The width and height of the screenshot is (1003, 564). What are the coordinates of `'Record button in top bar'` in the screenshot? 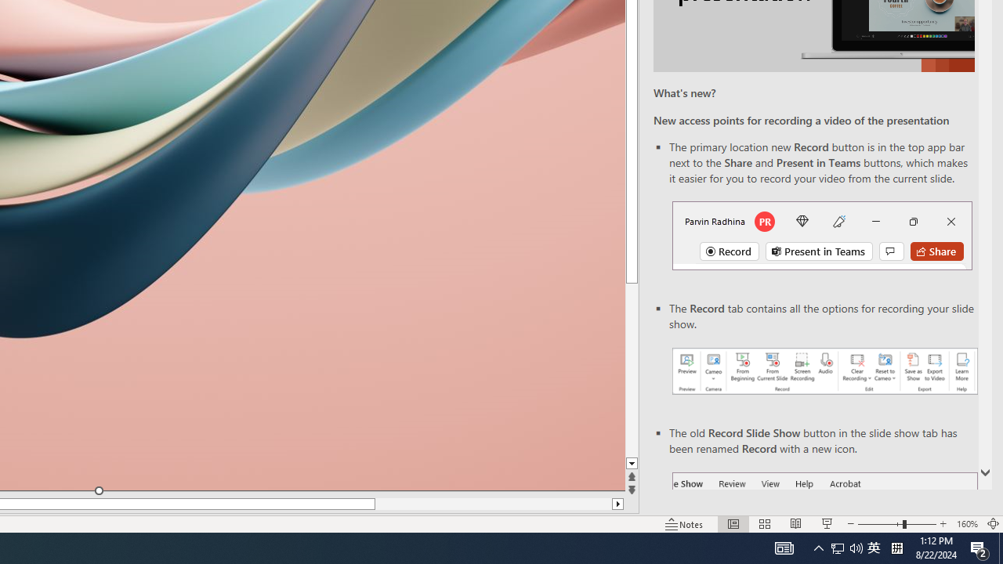 It's located at (821, 235).